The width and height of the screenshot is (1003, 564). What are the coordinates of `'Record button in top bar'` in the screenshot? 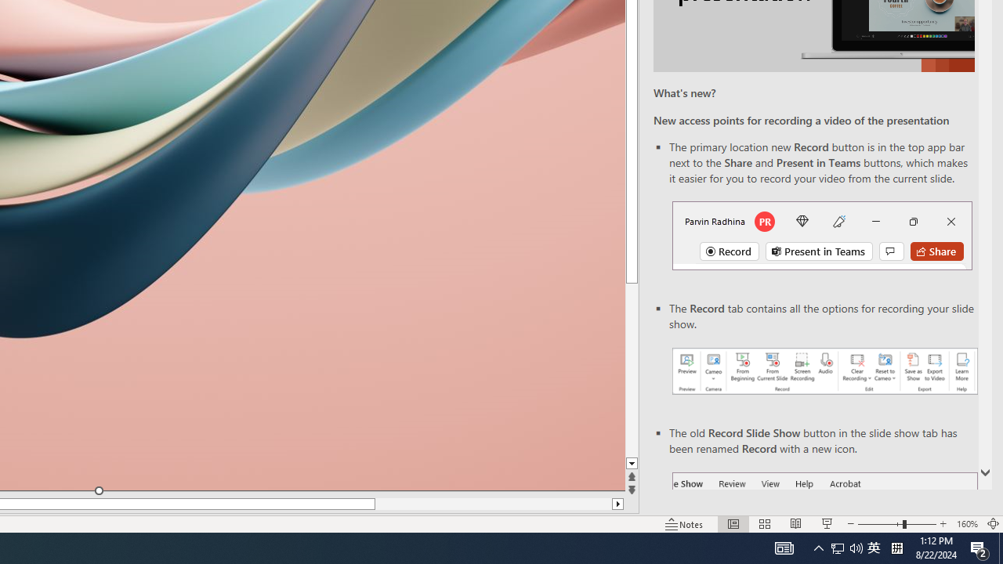 It's located at (821, 235).